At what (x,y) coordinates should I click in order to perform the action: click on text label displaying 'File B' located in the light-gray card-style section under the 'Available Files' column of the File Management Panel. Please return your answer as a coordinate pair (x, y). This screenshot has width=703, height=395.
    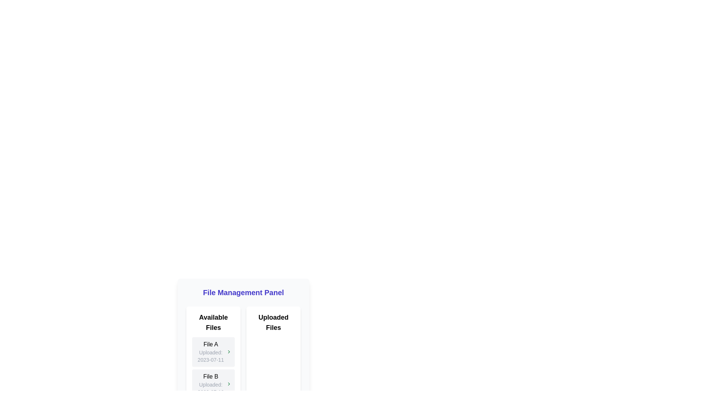
    Looking at the image, I should click on (210, 376).